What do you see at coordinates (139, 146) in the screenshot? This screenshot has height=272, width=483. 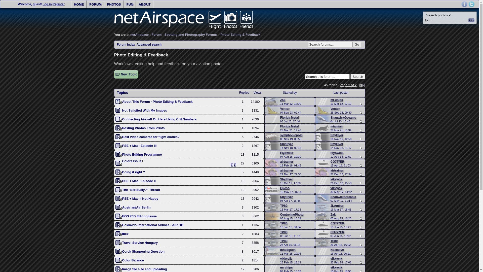 I see `'PSE + Mac: Episode III'` at bounding box center [139, 146].